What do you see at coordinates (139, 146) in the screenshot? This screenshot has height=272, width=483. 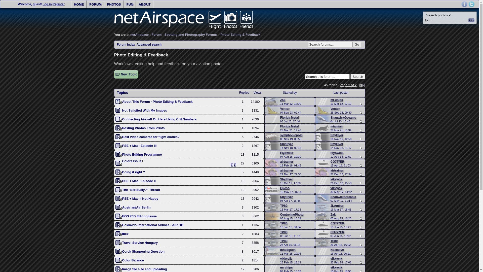 I see `'PSE + Mac: Episode III'` at bounding box center [139, 146].